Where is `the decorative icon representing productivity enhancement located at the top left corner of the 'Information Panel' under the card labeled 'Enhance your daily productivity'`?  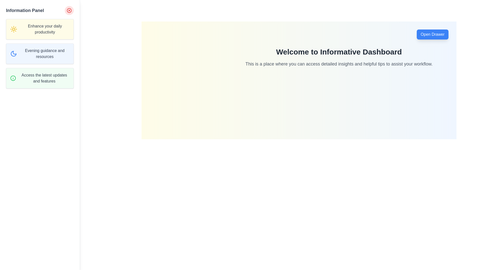 the decorative icon representing productivity enhancement located at the top left corner of the 'Information Panel' under the card labeled 'Enhance your daily productivity' is located at coordinates (14, 29).